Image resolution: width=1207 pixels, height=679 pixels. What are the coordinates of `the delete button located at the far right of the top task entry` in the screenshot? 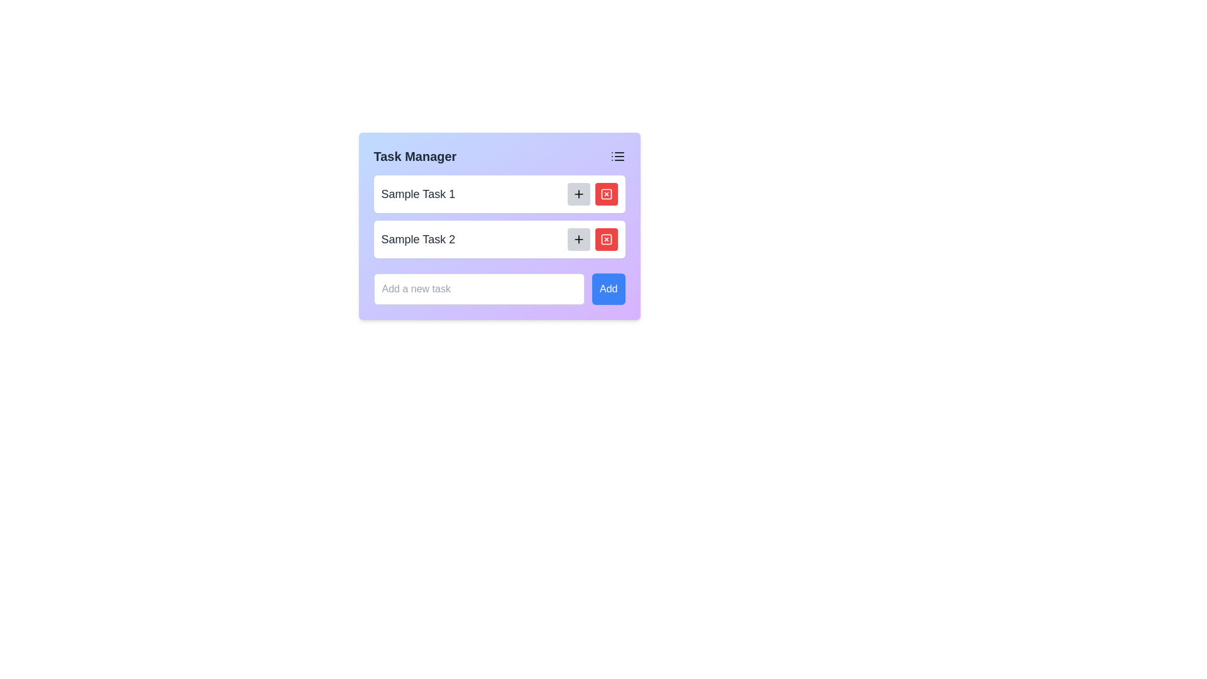 It's located at (606, 194).